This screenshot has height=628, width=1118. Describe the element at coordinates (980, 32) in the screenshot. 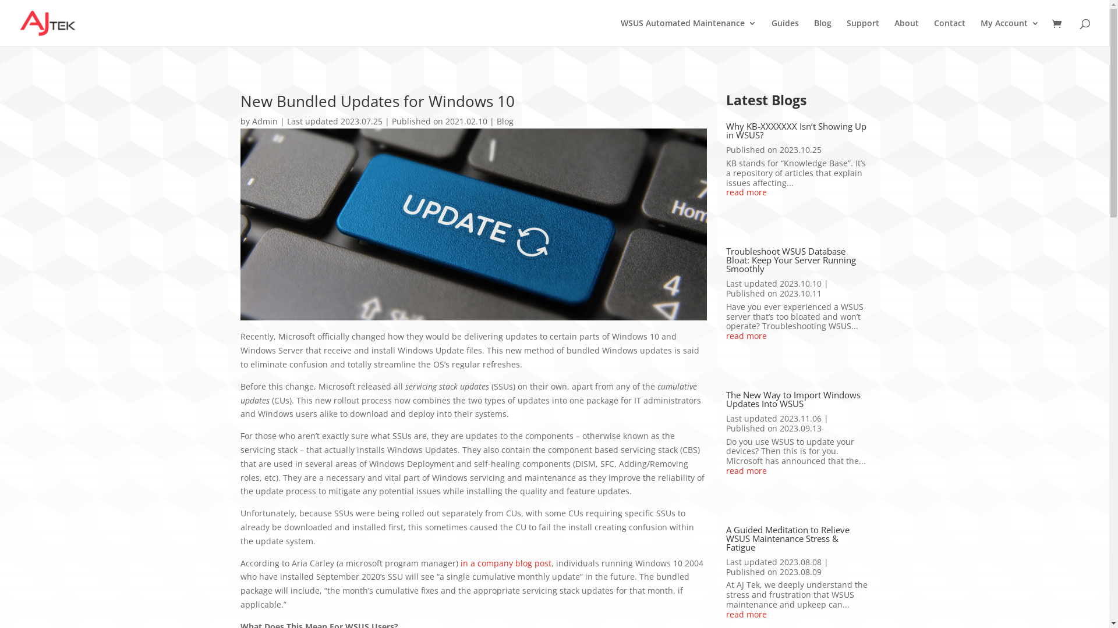

I see `'My Account'` at that location.